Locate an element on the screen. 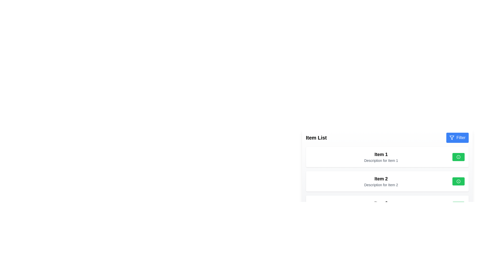  the central circular element within the green icon of the second item listed in the interface is located at coordinates (458, 181).